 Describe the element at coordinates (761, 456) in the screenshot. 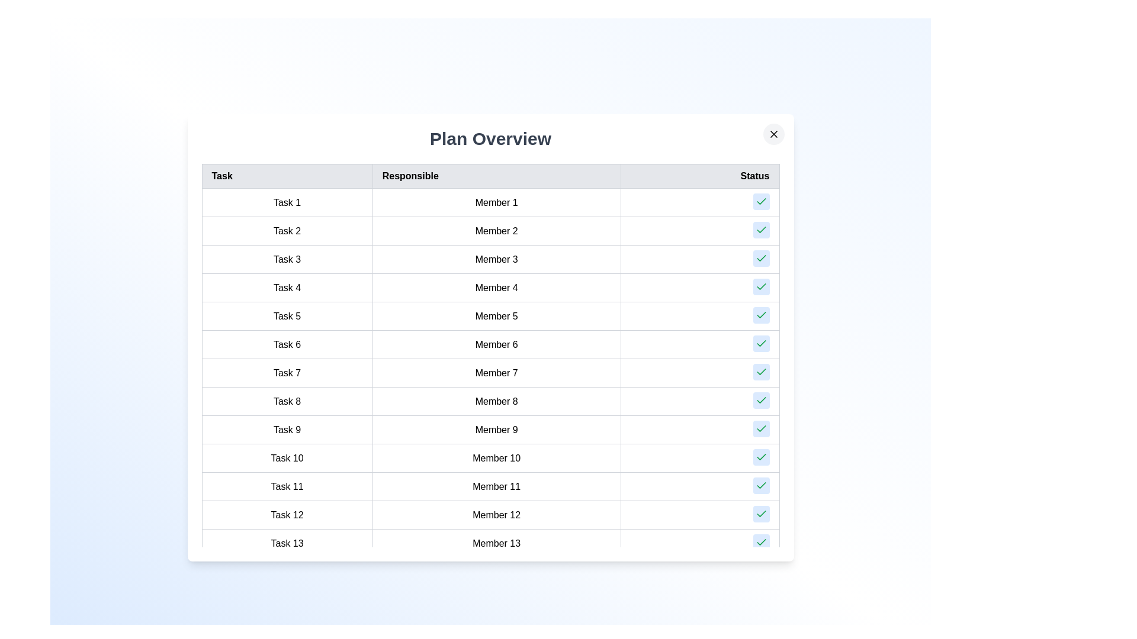

I see `the 'Check' button for task 10 to mark it as completed` at that location.